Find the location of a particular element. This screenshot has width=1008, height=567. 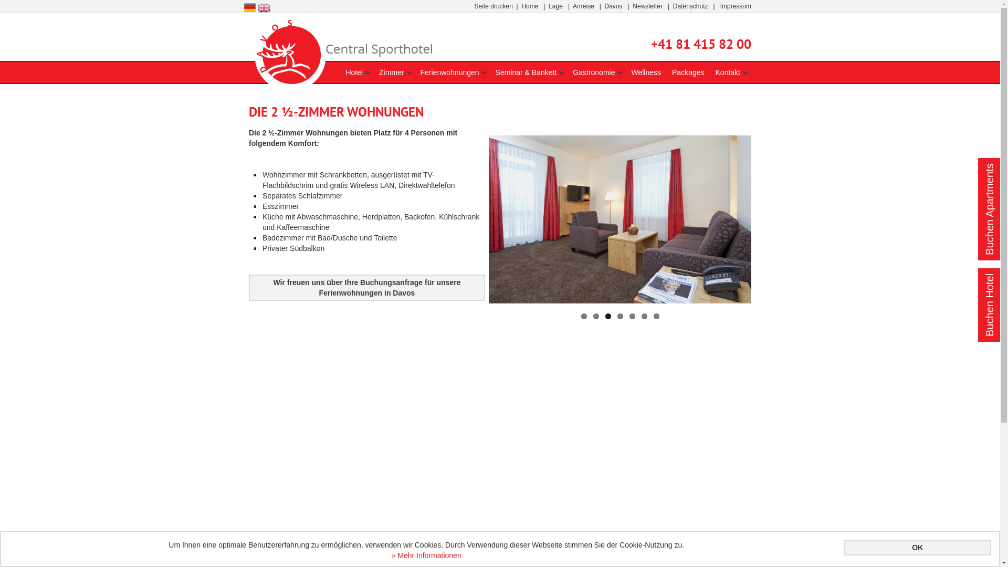

'Seminar & Bankett' is located at coordinates (526, 72).